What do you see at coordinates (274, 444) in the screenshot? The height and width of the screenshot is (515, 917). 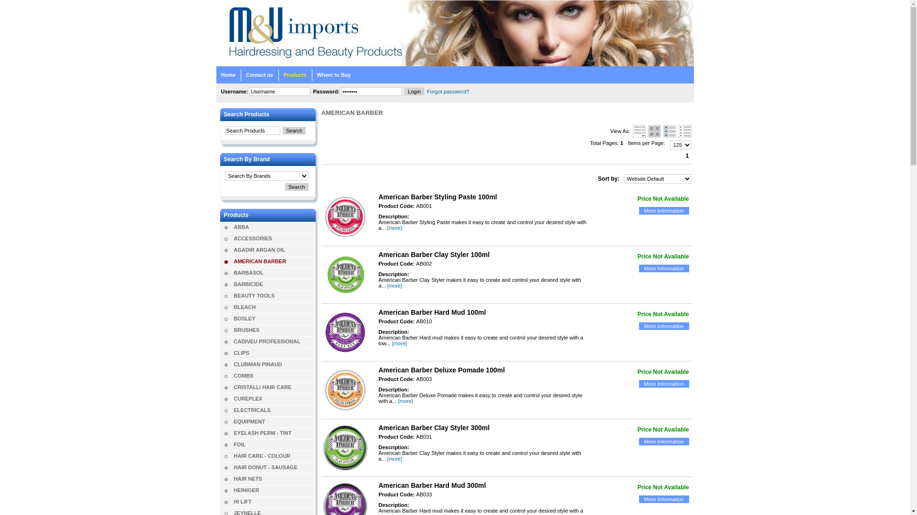 I see `'FOIL'` at bounding box center [274, 444].